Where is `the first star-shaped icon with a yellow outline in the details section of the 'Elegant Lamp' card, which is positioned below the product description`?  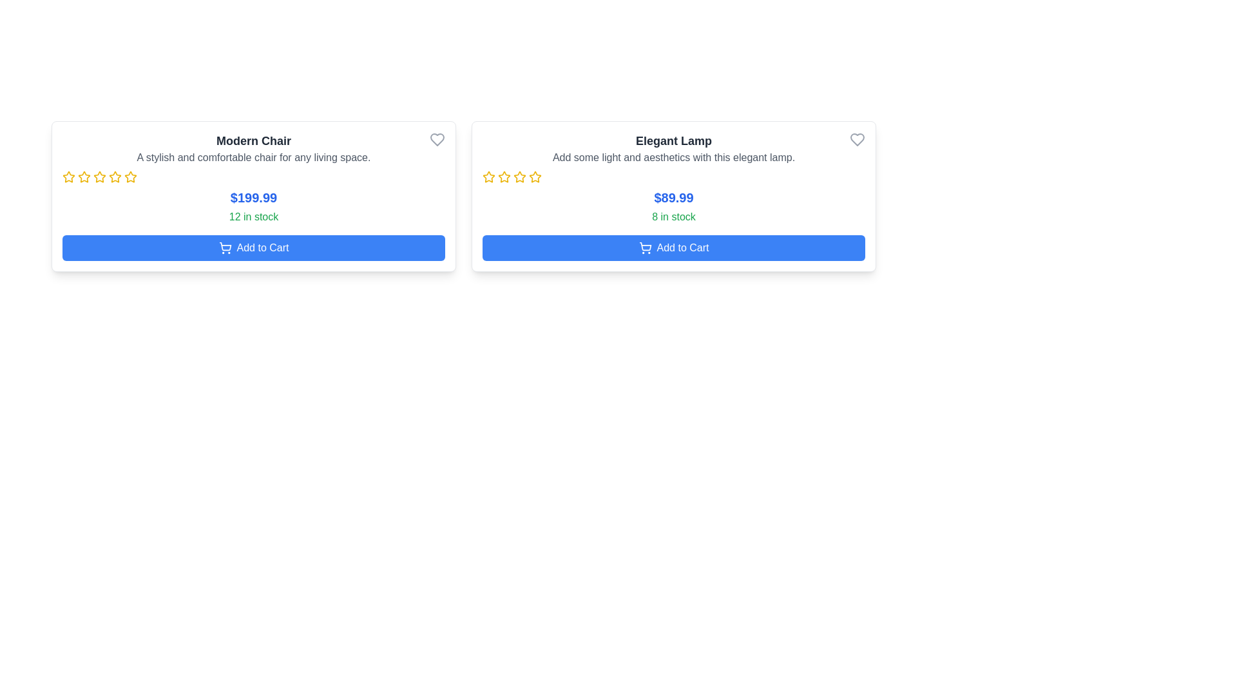 the first star-shaped icon with a yellow outline in the details section of the 'Elegant Lamp' card, which is positioned below the product description is located at coordinates (488, 177).